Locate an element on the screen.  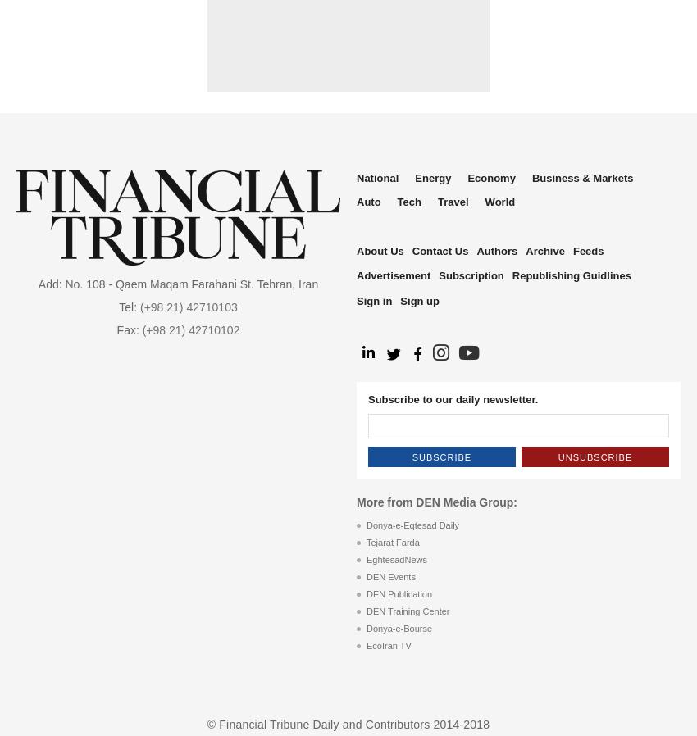
'Tel:' is located at coordinates (119, 307).